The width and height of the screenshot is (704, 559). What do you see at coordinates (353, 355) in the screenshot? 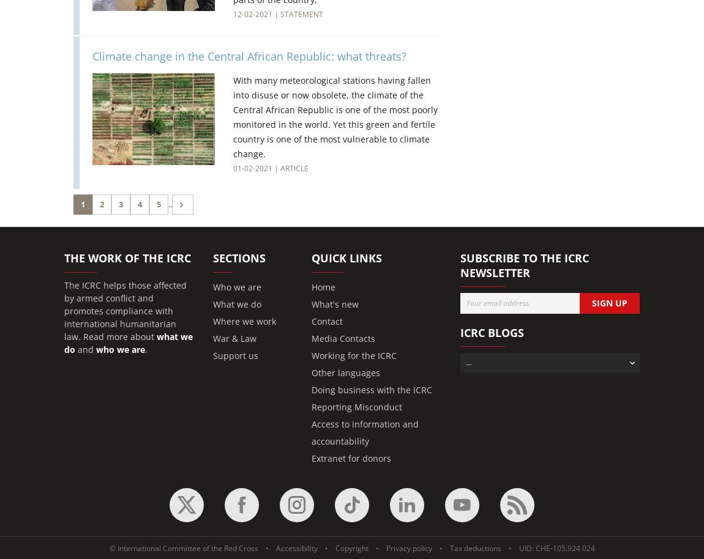
I see `'Working for the ICRC'` at bounding box center [353, 355].